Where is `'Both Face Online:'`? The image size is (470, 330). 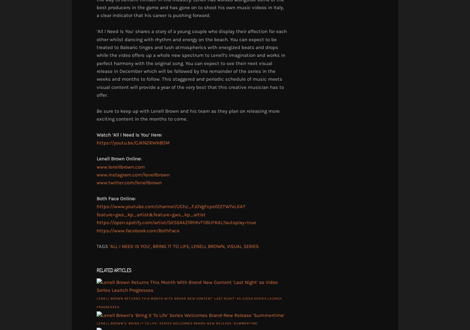
'Both Face Online:' is located at coordinates (116, 198).